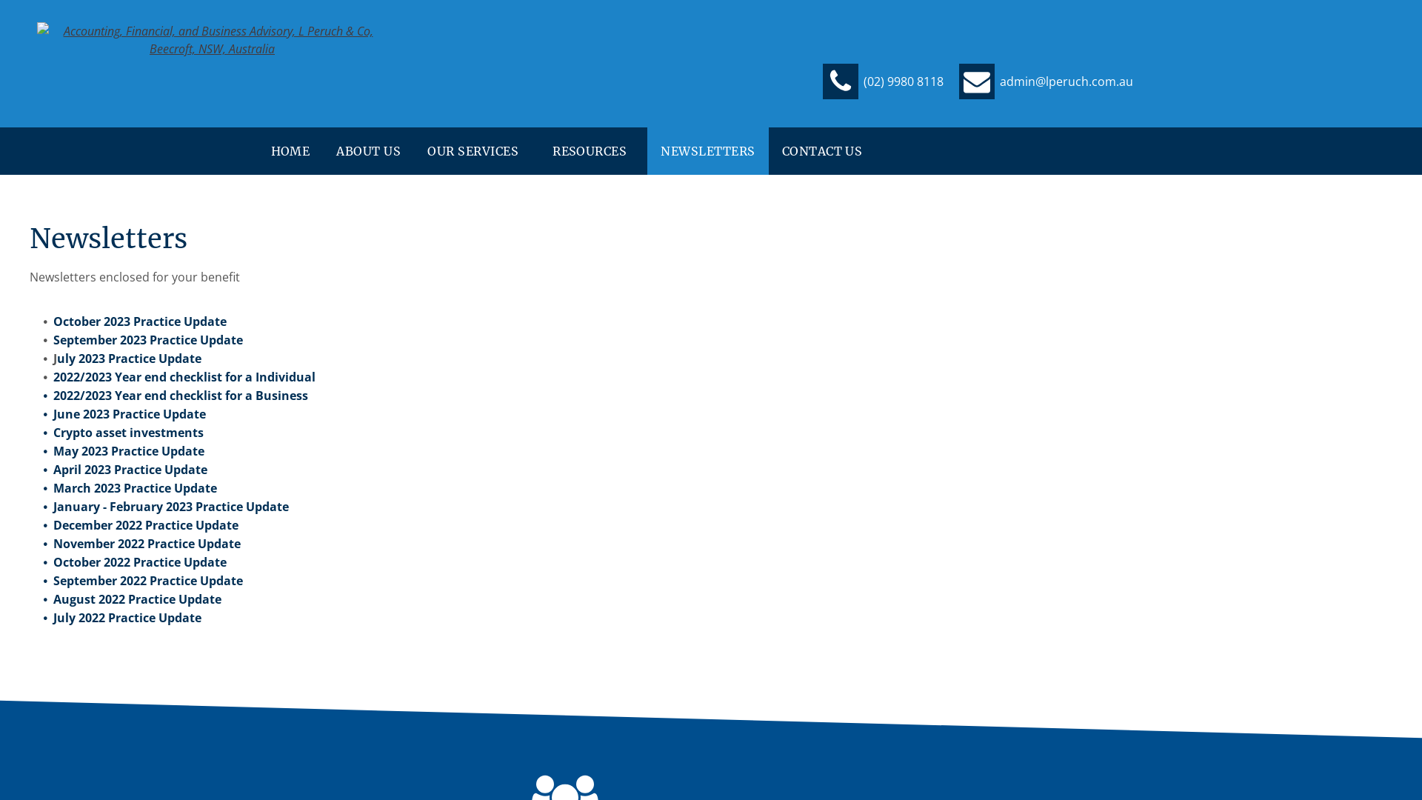 Image resolution: width=1422 pixels, height=800 pixels. What do you see at coordinates (290, 151) in the screenshot?
I see `'HOME'` at bounding box center [290, 151].